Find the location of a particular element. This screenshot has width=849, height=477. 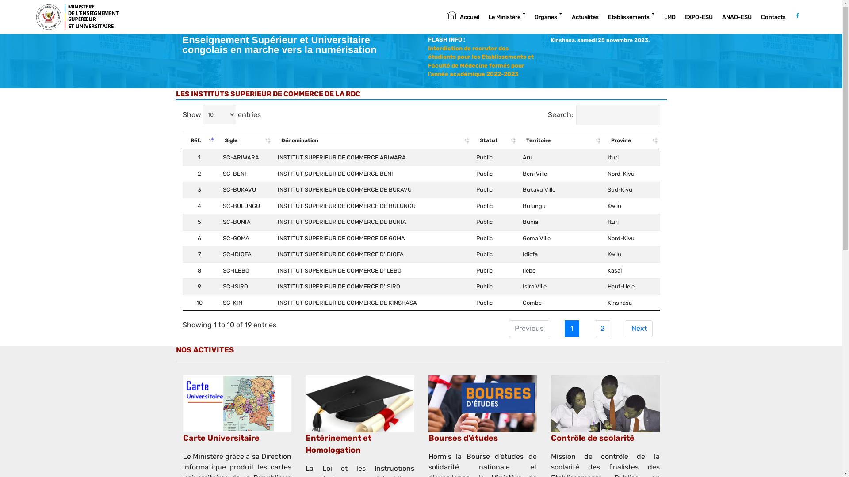

'Etablissements' is located at coordinates (631, 17).